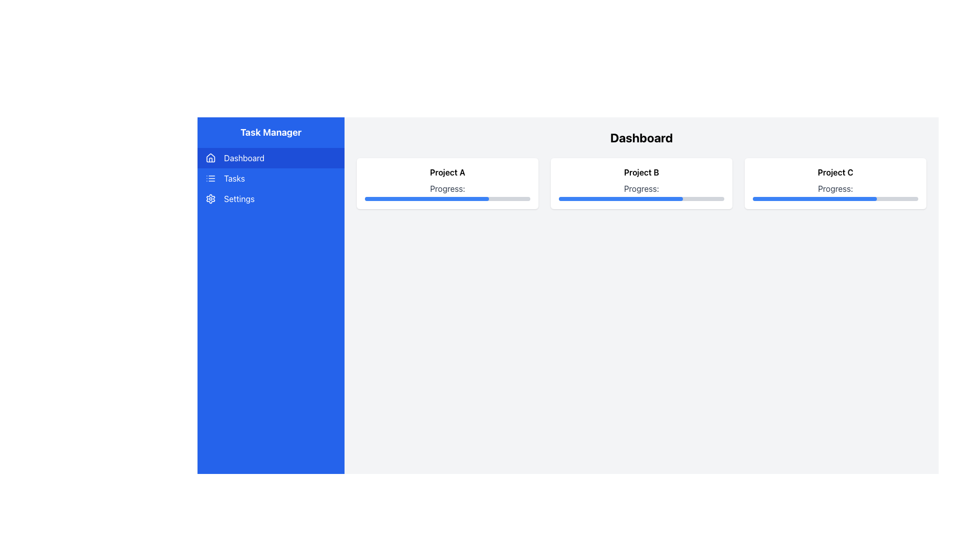 Image resolution: width=980 pixels, height=551 pixels. What do you see at coordinates (641, 183) in the screenshot?
I see `the 'Project B' card which has a progress bar and is the second card in a row of three on the dashboard` at bounding box center [641, 183].